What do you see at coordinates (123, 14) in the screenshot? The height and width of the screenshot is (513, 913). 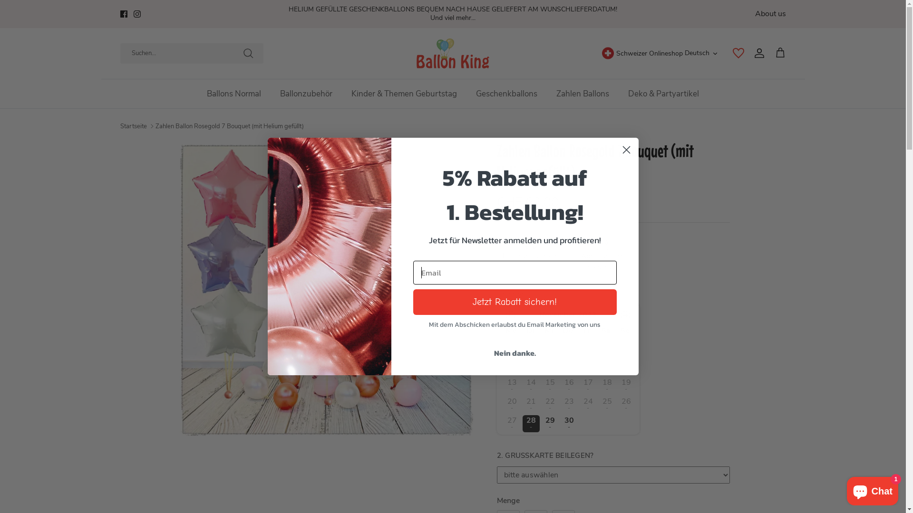 I see `'Facebook'` at bounding box center [123, 14].